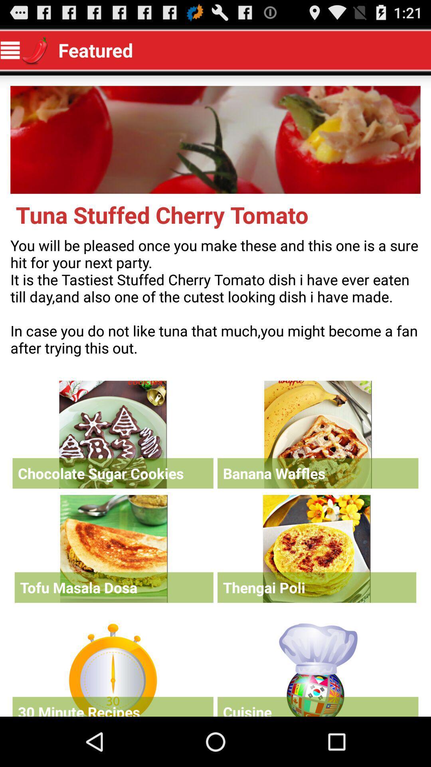  What do you see at coordinates (317, 668) in the screenshot?
I see `the featured option` at bounding box center [317, 668].